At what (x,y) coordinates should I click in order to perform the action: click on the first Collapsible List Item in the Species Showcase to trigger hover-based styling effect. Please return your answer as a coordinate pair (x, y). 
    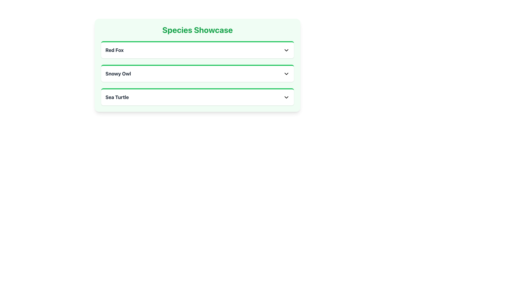
    Looking at the image, I should click on (197, 50).